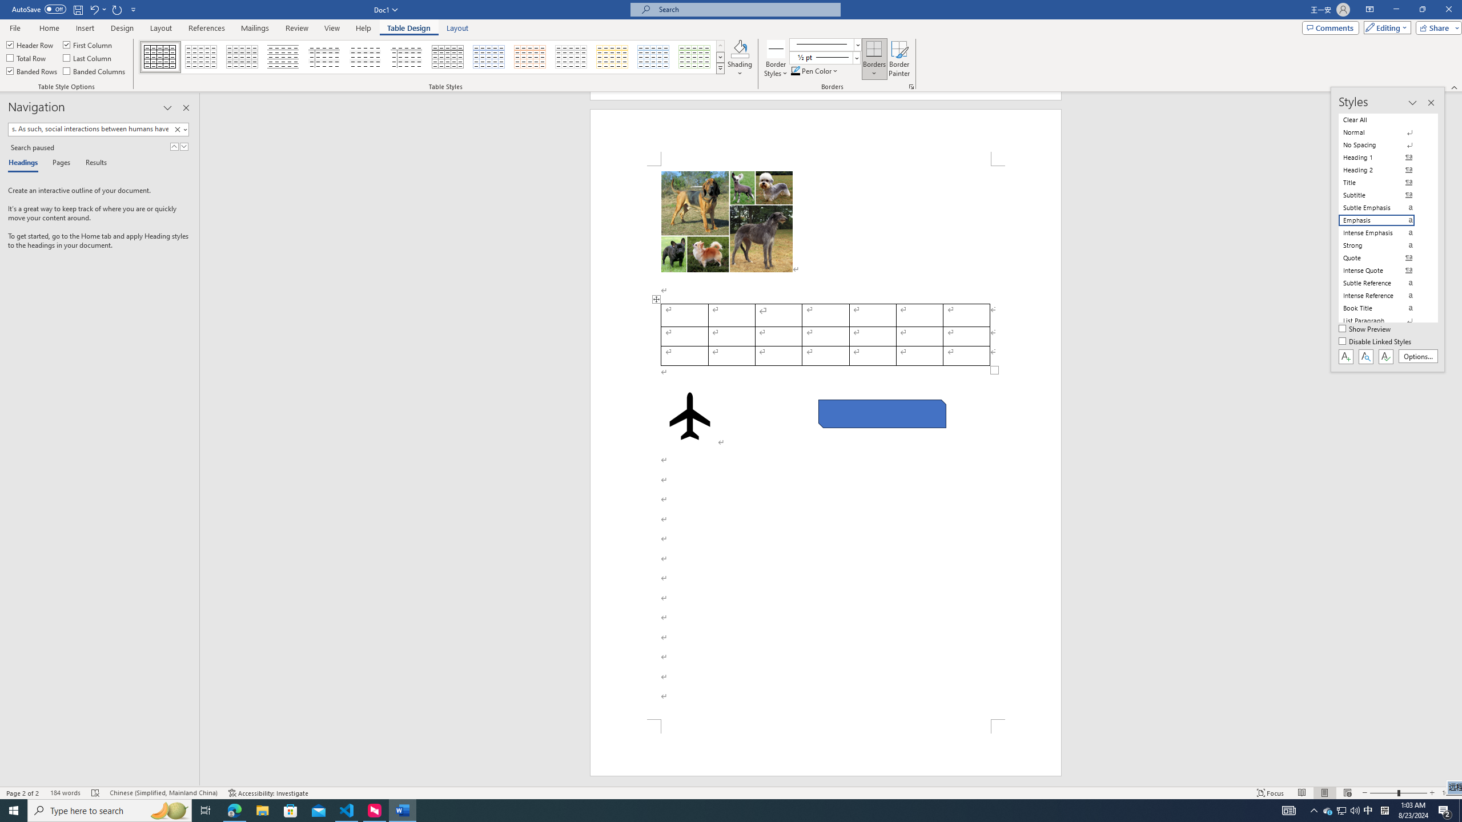 The height and width of the screenshot is (822, 1462). I want to click on 'Plain Table 5', so click(407, 57).